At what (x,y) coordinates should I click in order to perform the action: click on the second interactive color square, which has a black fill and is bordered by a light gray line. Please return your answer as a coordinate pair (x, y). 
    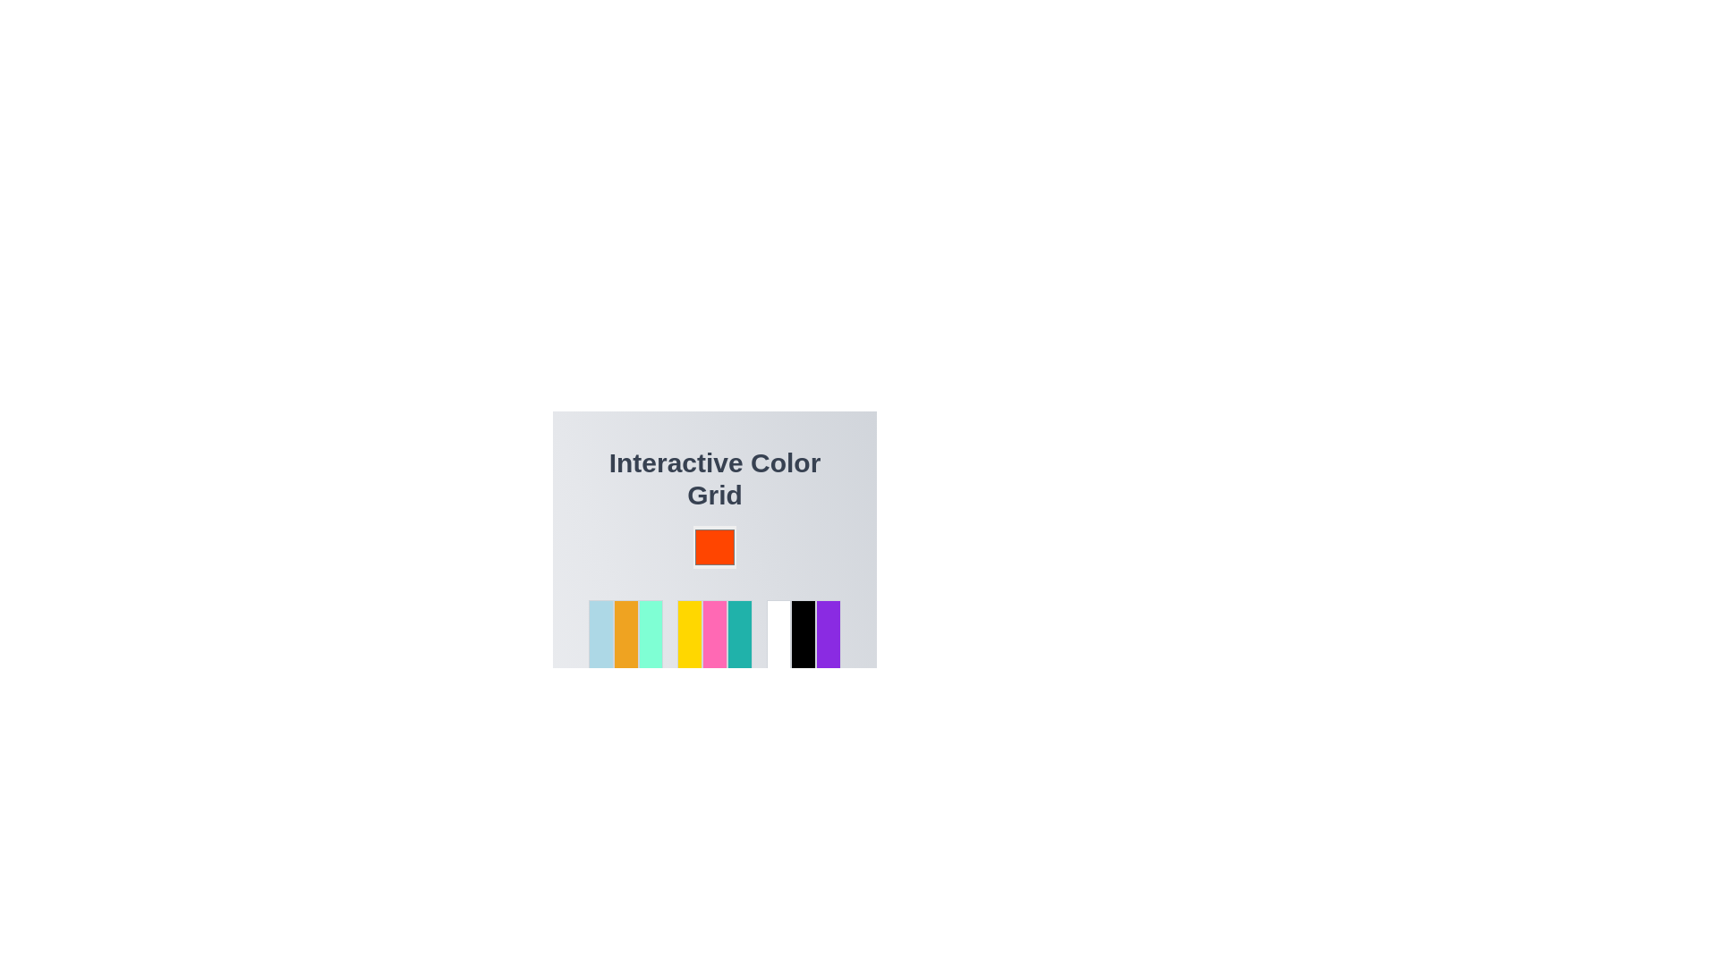
    Looking at the image, I should click on (802, 634).